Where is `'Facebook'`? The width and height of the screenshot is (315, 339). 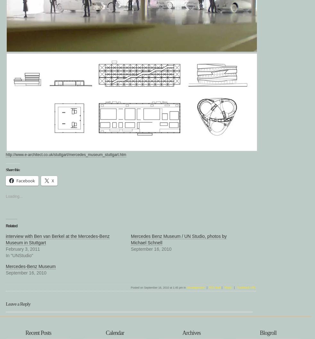
'Facebook' is located at coordinates (25, 180).